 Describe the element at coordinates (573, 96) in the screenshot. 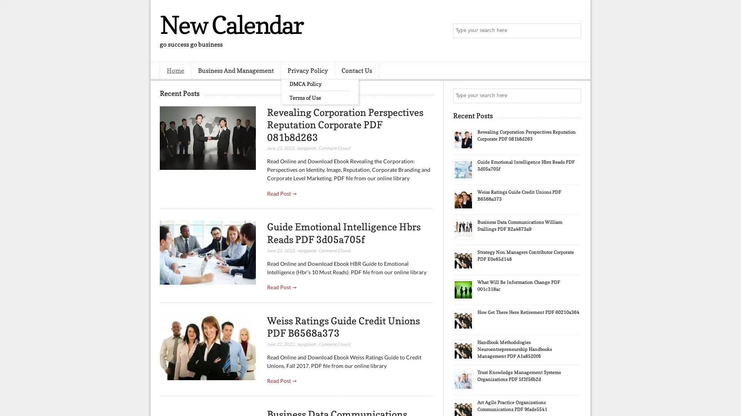

I see `Search` at that location.